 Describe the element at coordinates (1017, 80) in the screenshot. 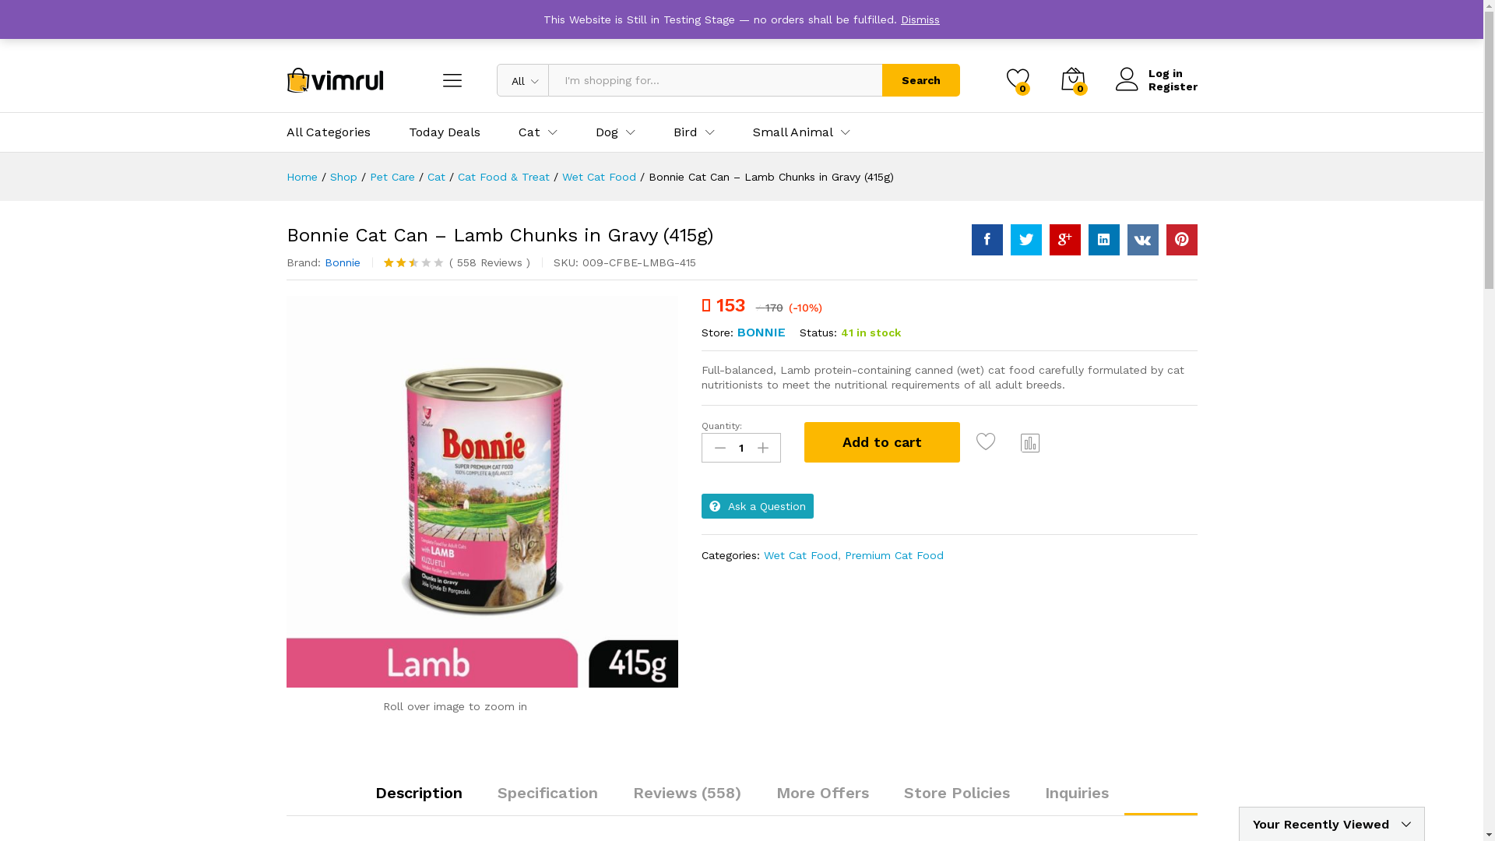

I see `'0'` at that location.